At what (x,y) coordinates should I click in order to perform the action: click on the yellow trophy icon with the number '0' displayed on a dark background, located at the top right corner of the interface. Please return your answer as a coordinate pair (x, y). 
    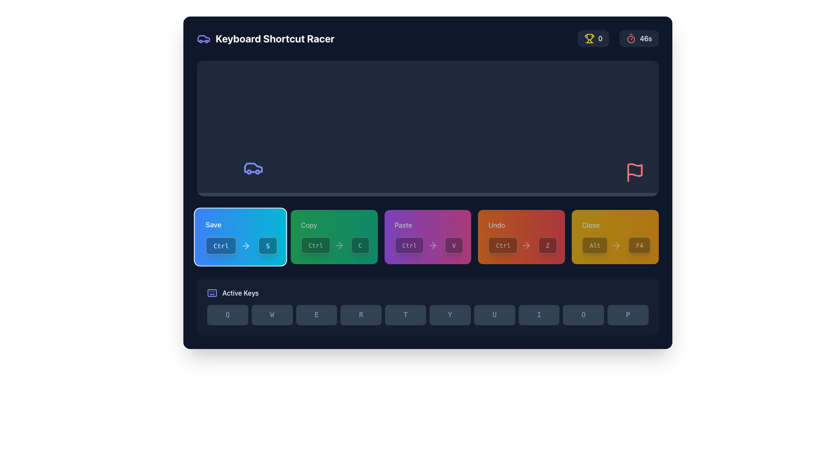
    Looking at the image, I should click on (593, 39).